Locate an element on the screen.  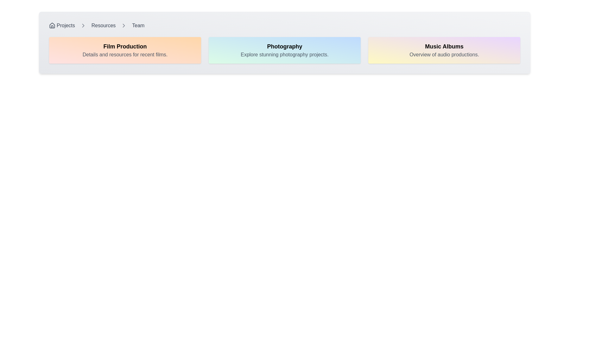
the 'Team' link in the breadcrumb navigation bar is located at coordinates (138, 25).